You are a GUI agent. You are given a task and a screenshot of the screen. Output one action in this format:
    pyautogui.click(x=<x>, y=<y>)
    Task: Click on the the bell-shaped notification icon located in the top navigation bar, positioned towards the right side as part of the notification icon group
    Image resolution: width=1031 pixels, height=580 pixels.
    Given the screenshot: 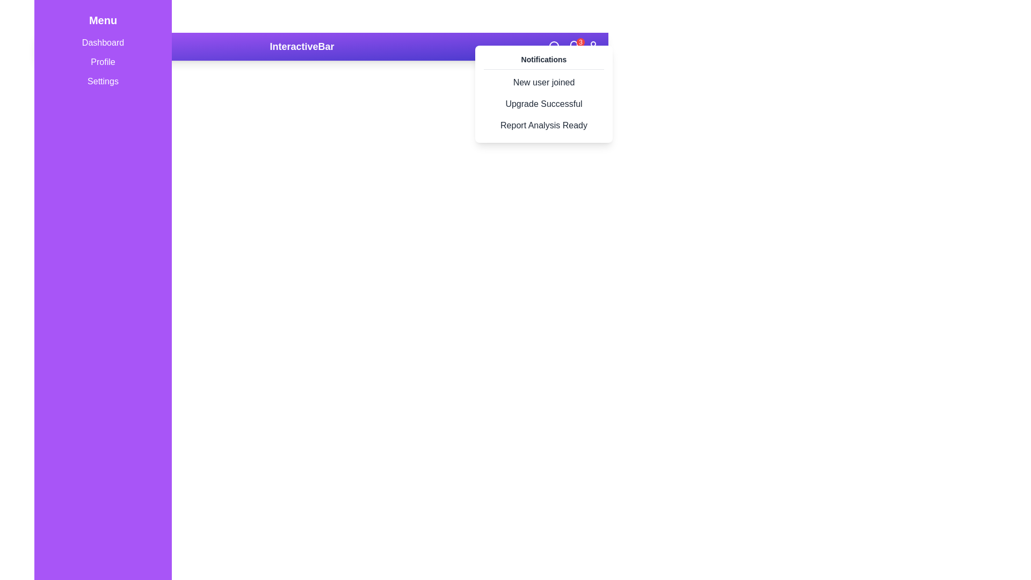 What is the action you would take?
    pyautogui.click(x=573, y=45)
    